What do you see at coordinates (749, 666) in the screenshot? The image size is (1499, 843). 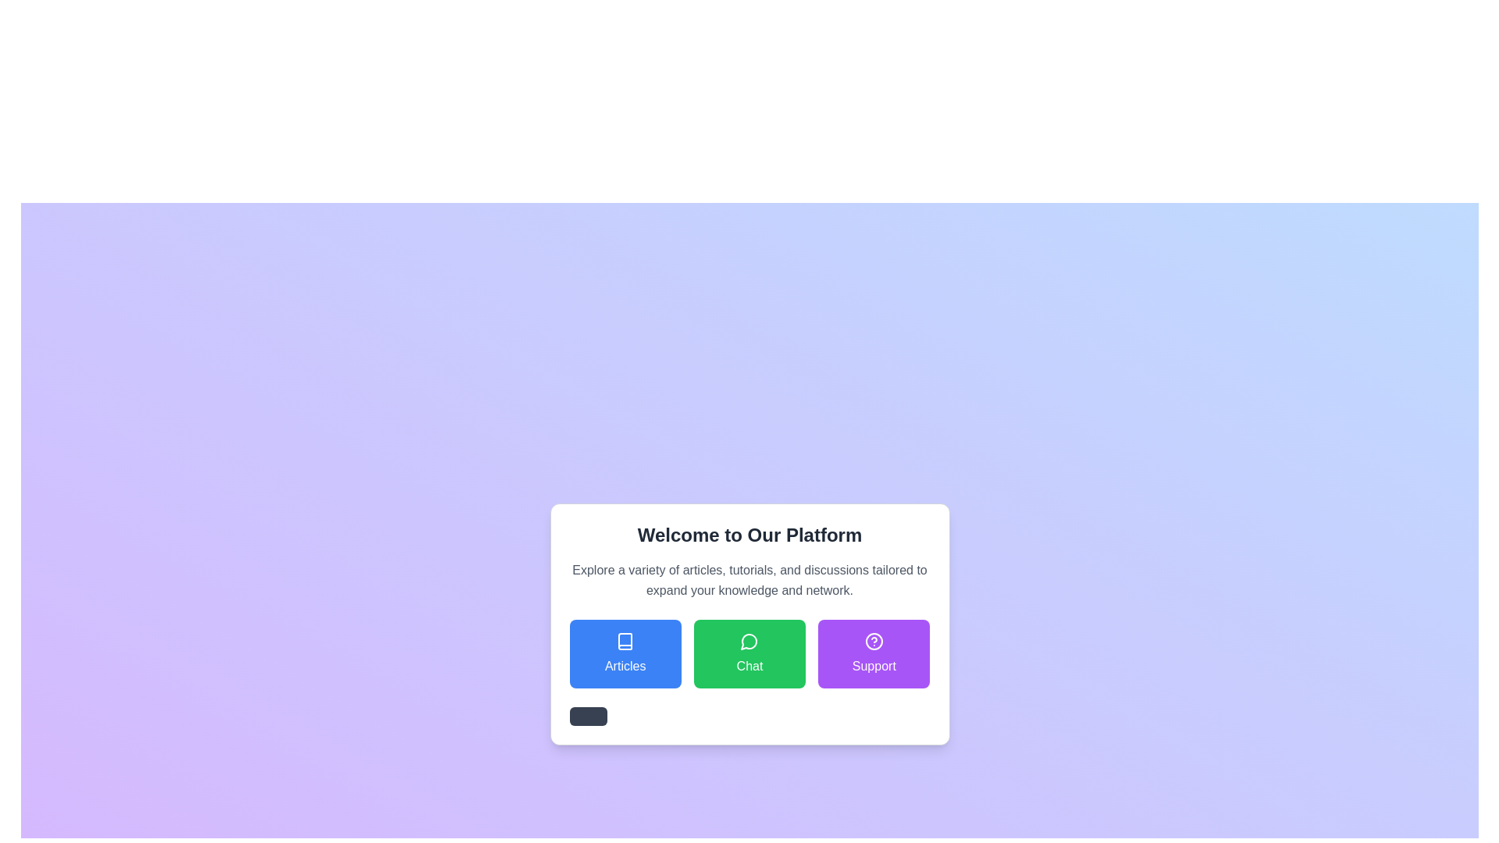 I see `label 'Chat' which is displayed in bold white text inside the green rounded rectangular button with a chat bubble icon` at bounding box center [749, 666].